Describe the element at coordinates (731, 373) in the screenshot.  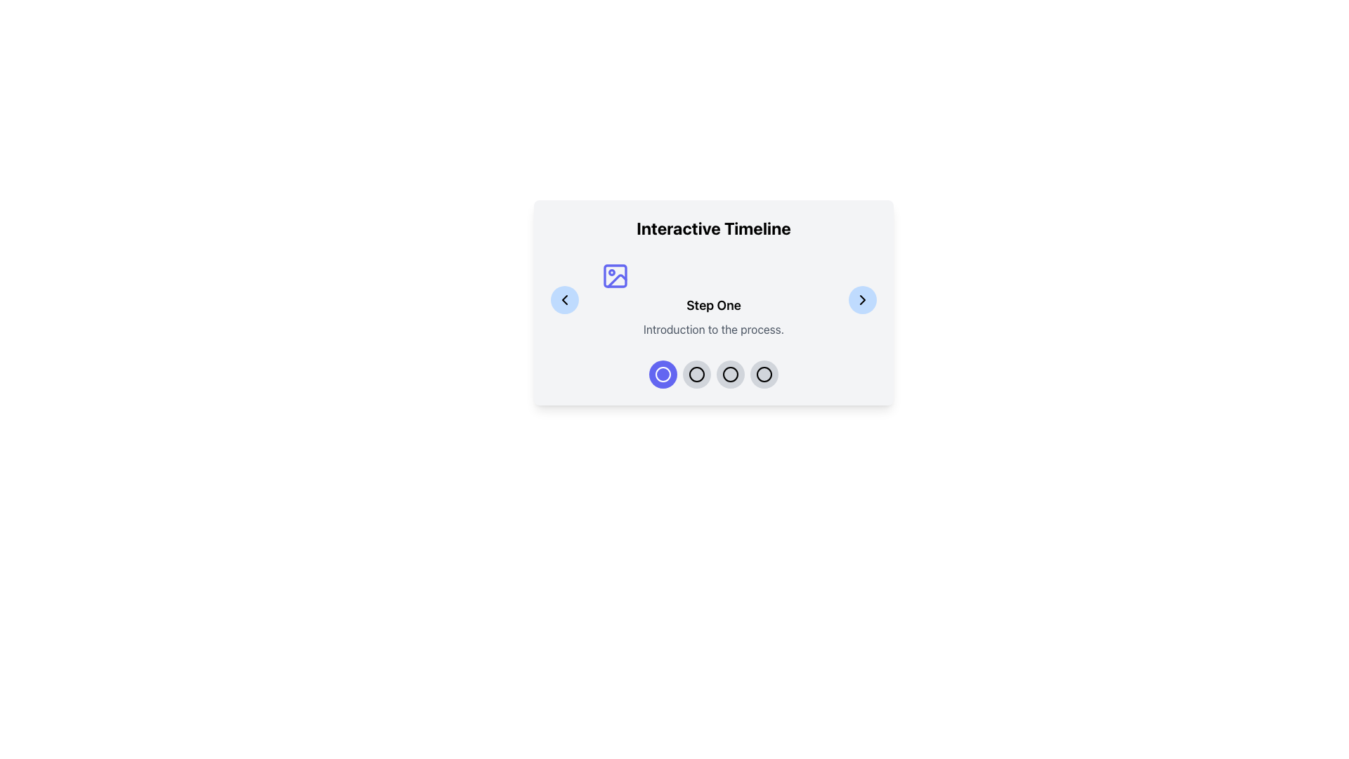
I see `the third button in a horizontal group of four buttons located near the bottom center of the main interface` at that location.